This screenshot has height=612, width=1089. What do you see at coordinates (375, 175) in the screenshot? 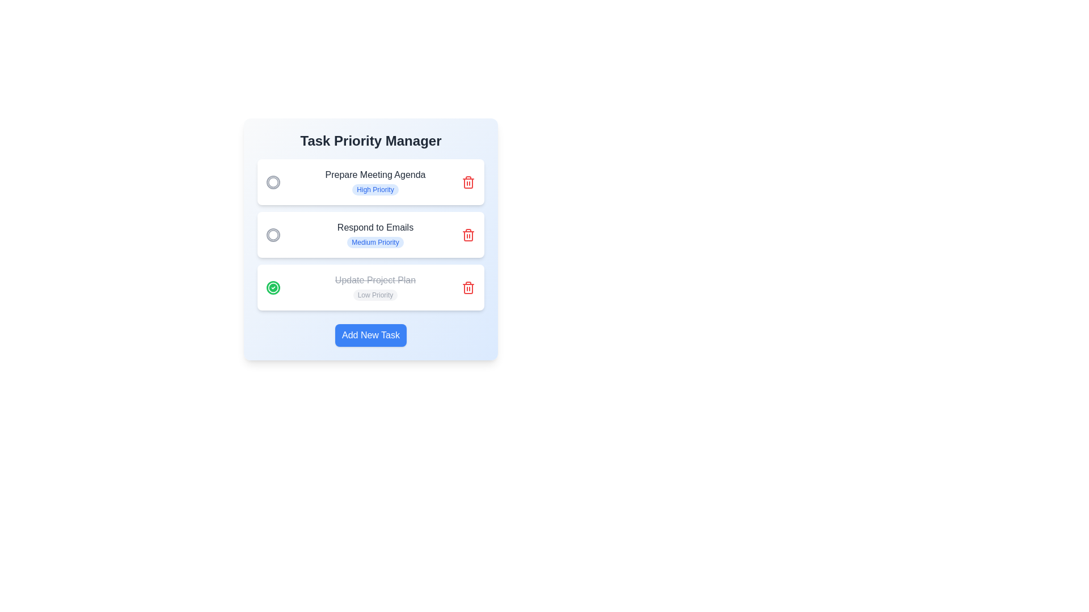
I see `the text label that displays 'Prepare Meeting Agenda', which is prominently styled in bold dark gray and is the first label` at bounding box center [375, 175].